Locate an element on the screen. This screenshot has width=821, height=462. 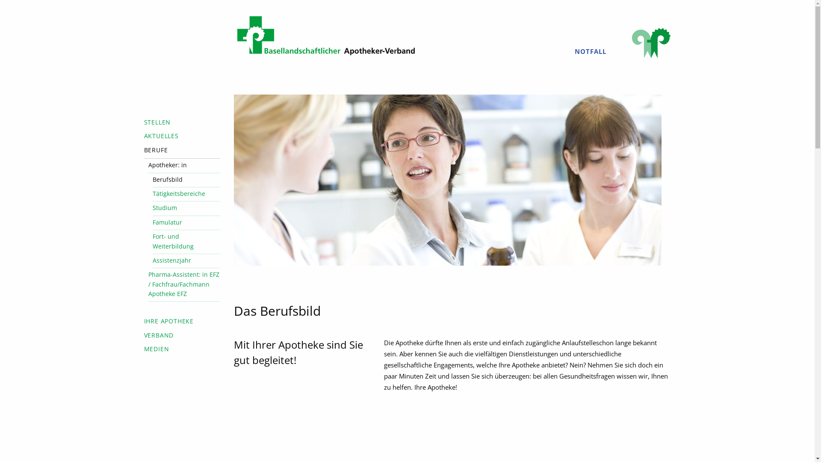
'Pharma-Assistent: in EFZ / Fachfrau/Fachmann Apotheke EFZ' is located at coordinates (183, 285).